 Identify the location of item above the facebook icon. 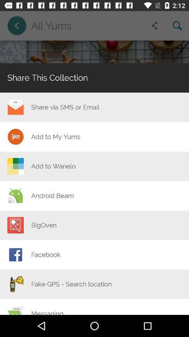
(44, 225).